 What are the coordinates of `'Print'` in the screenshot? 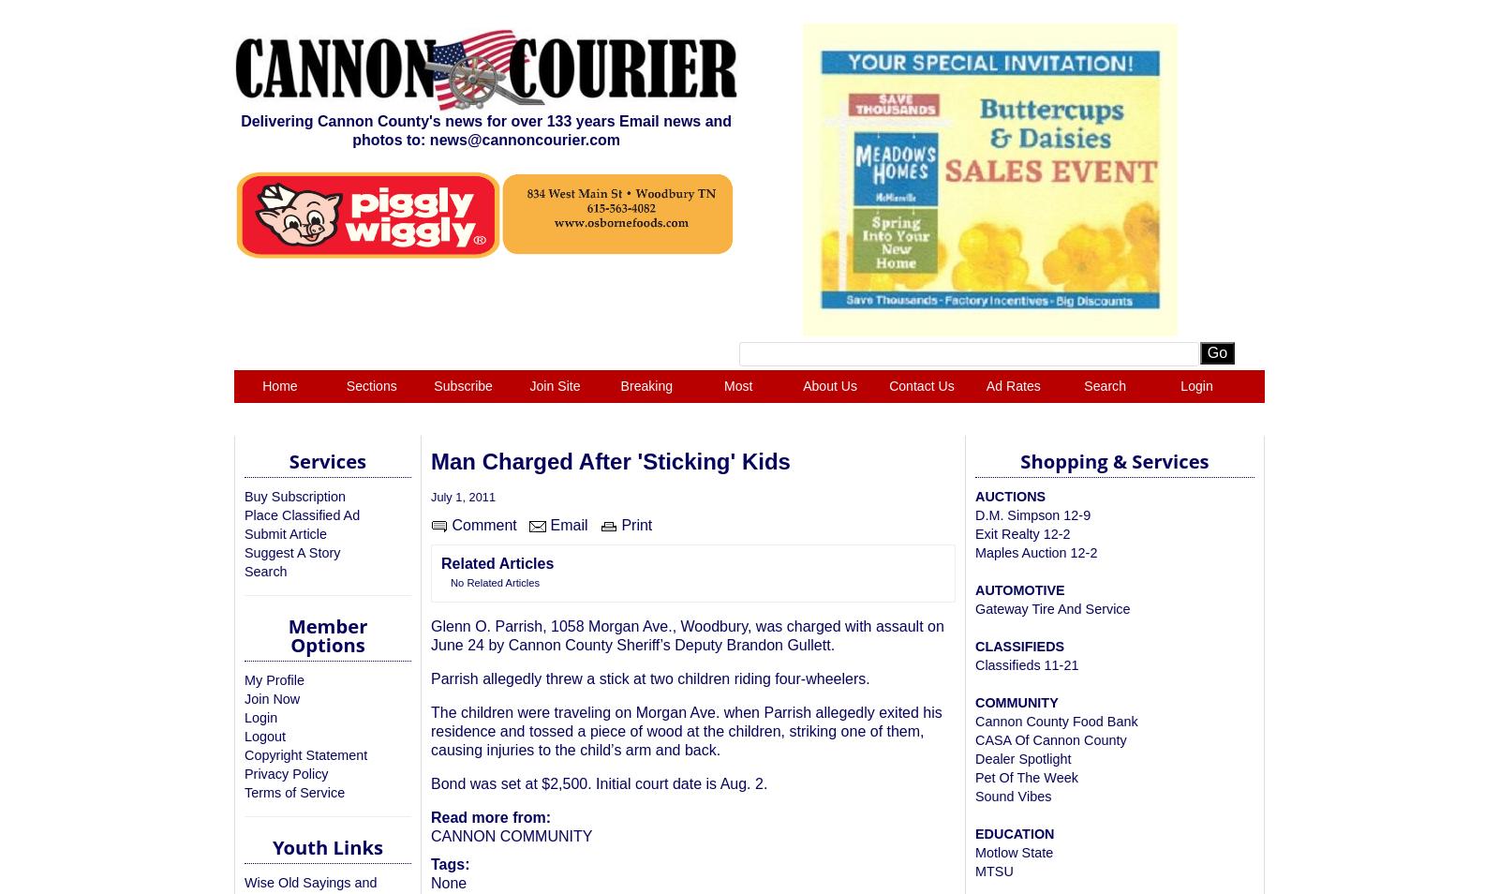 It's located at (616, 524).